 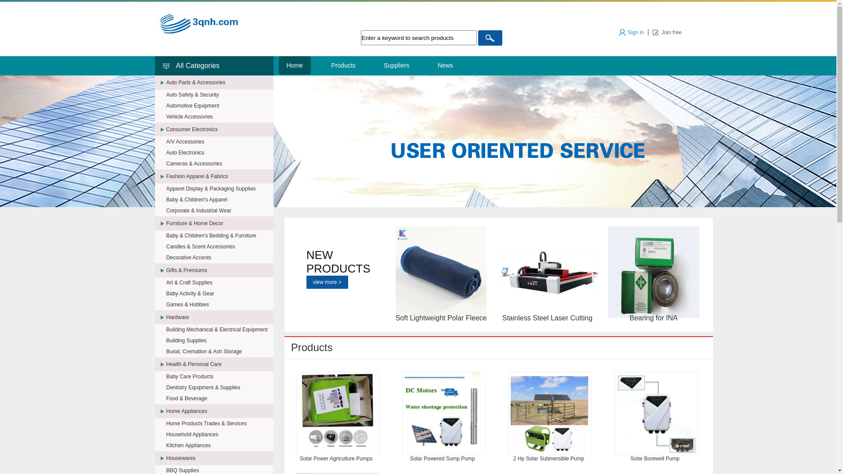 What do you see at coordinates (166, 270) in the screenshot?
I see `'Gifts & Premiums'` at bounding box center [166, 270].